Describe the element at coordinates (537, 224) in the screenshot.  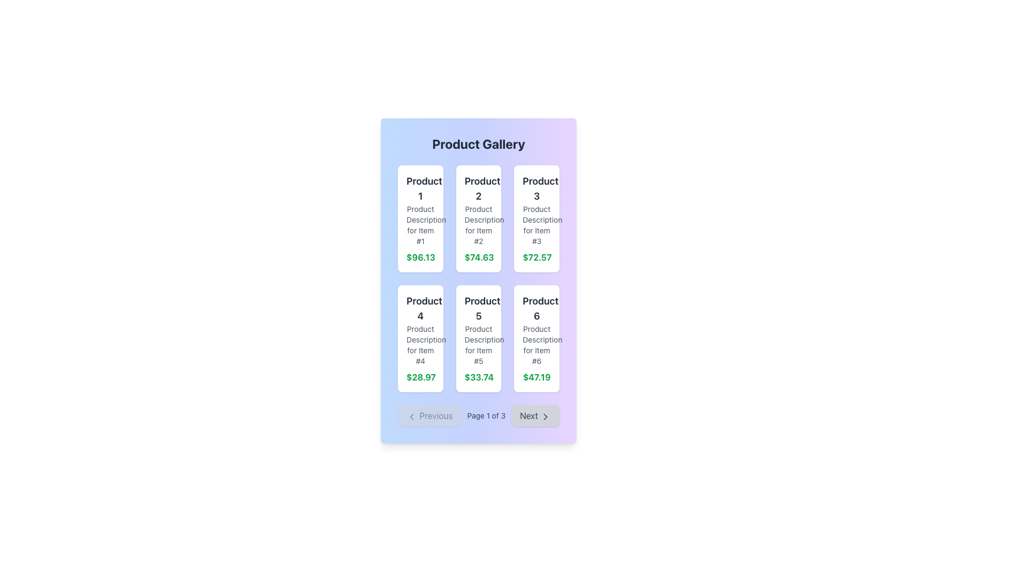
I see `the text label displaying 'Product Description for Item #3', which is styled in gray and located between the title 'Product 3' and the price '$72.57' on the product card` at that location.